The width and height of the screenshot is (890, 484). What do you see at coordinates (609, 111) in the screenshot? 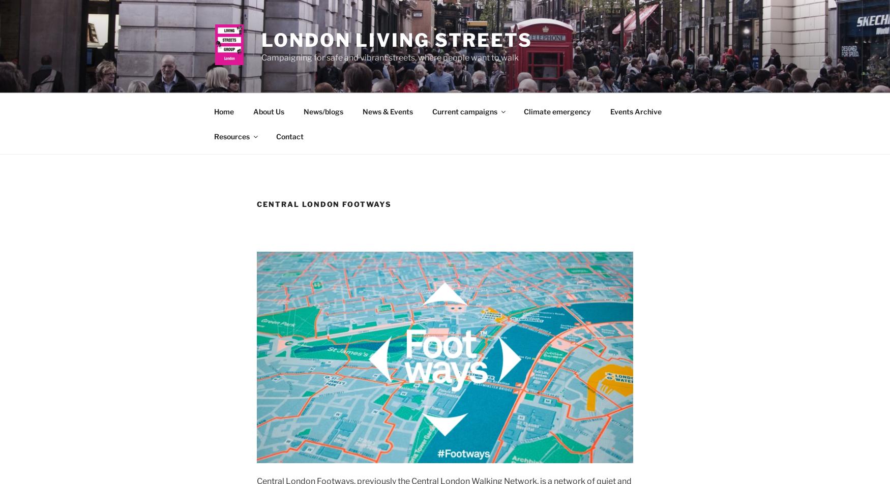
I see `'Events Archive'` at bounding box center [609, 111].